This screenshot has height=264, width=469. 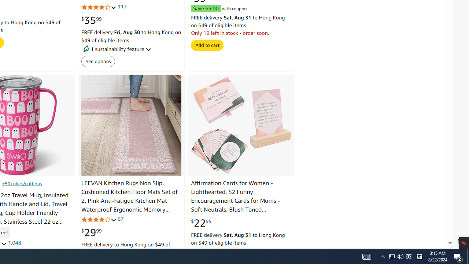 What do you see at coordinates (91, 20) in the screenshot?
I see `'$35.99'` at bounding box center [91, 20].